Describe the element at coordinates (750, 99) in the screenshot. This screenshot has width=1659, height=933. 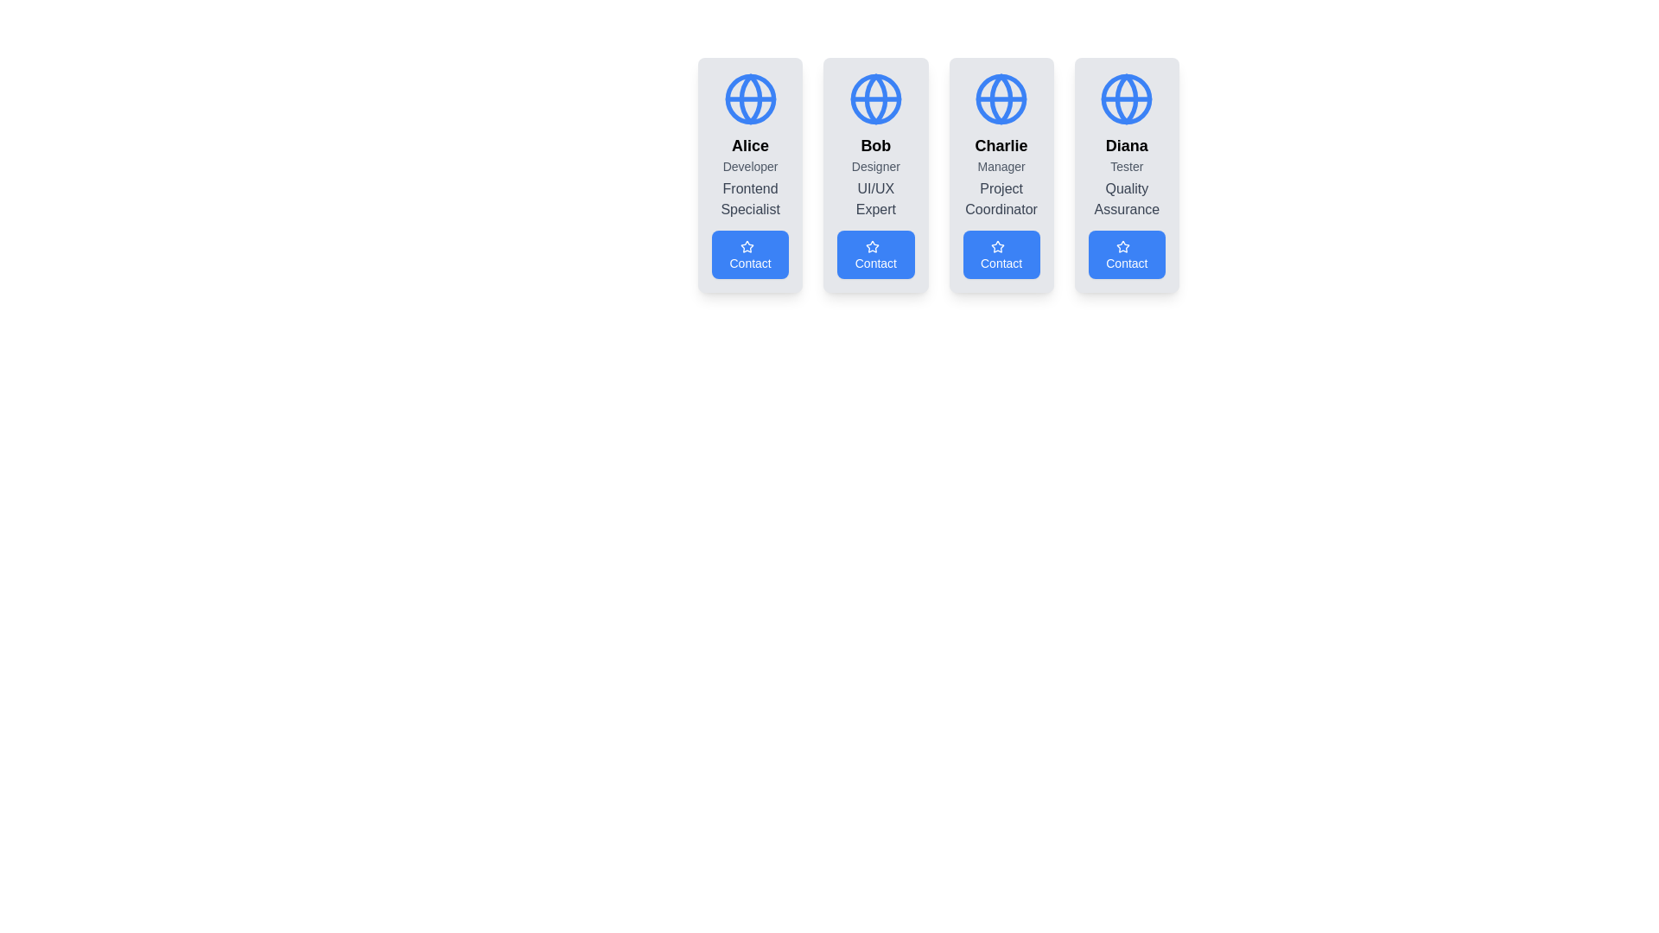
I see `the globe icon at the top of the card labeled 'Alice Developer Frontend Specialist'` at that location.